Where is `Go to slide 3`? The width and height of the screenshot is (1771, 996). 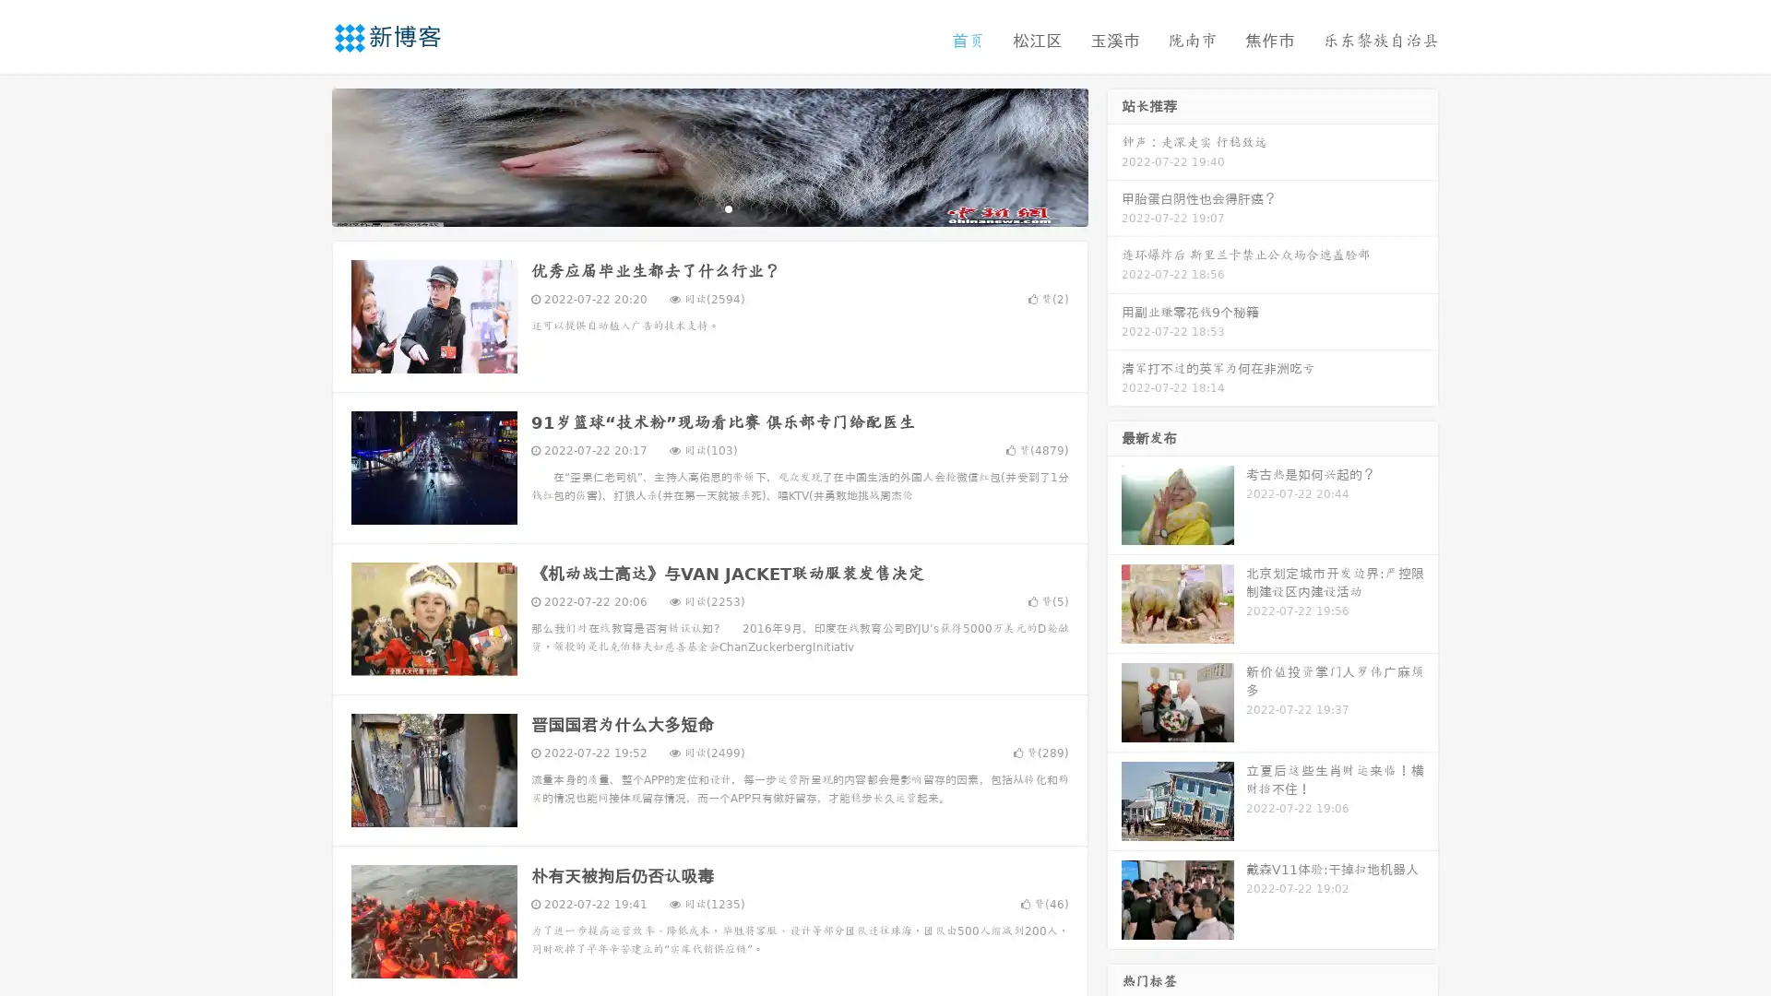 Go to slide 3 is located at coordinates (728, 207).